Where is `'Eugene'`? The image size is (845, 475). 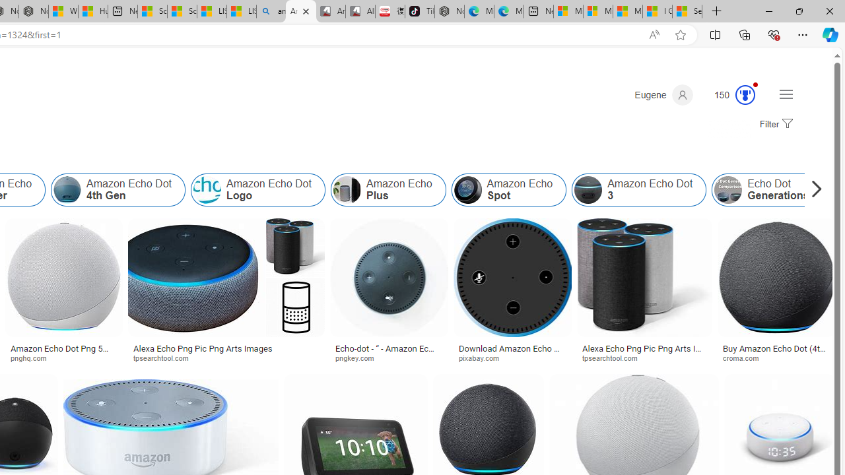 'Eugene' is located at coordinates (663, 94).